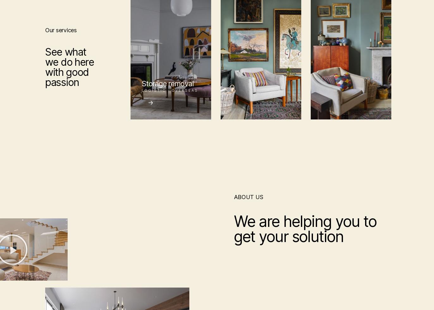  I want to click on 'Privacy Policy', so click(336, 243).